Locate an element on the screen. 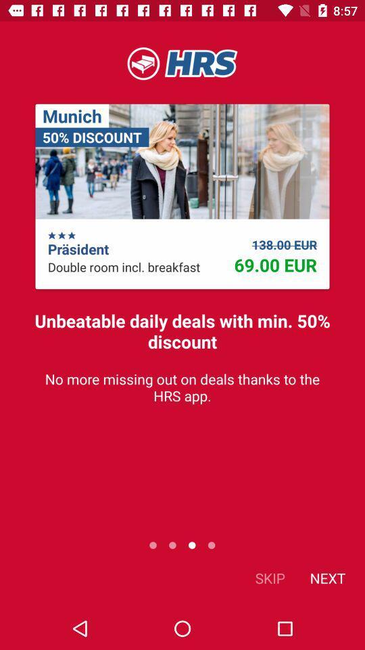 This screenshot has height=650, width=365. the next icon is located at coordinates (326, 577).